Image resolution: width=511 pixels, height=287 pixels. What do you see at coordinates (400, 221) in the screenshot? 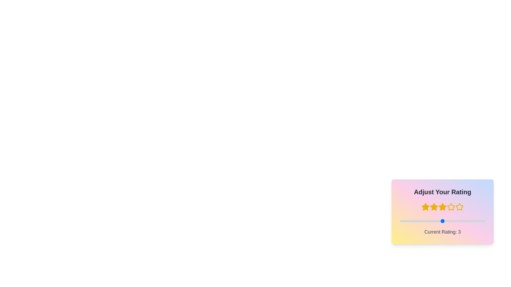
I see `the slider to set the rating to 2 (1 to 5)` at bounding box center [400, 221].